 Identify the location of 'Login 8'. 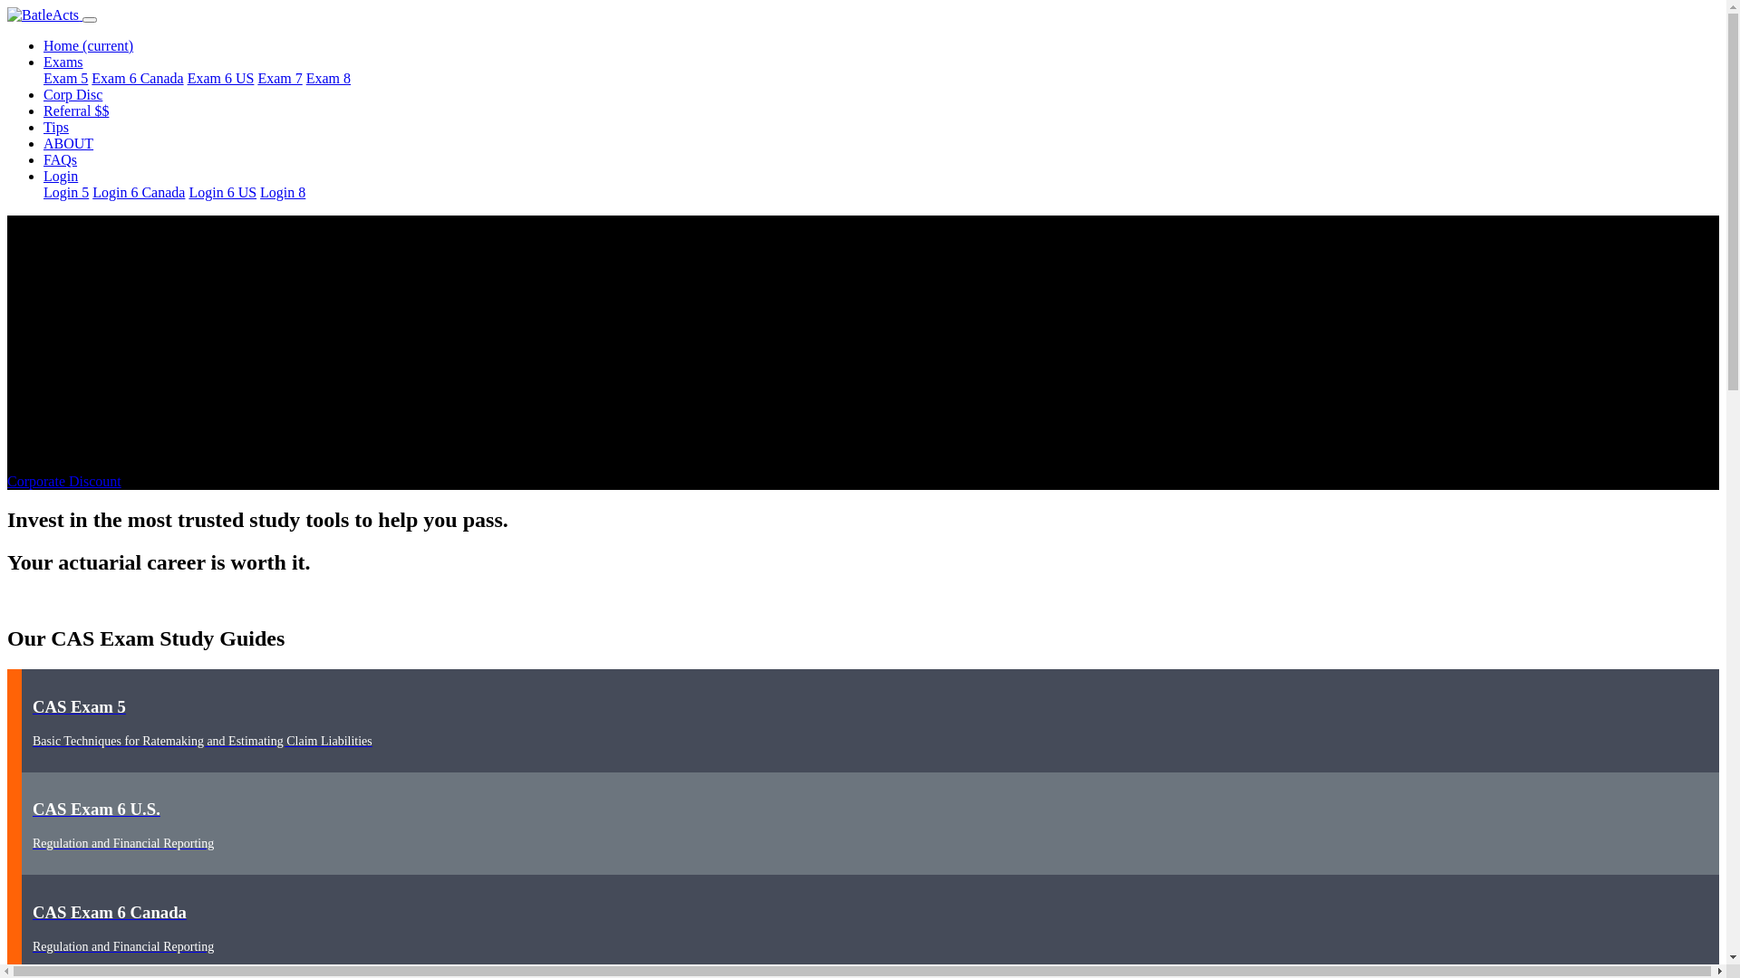
(282, 192).